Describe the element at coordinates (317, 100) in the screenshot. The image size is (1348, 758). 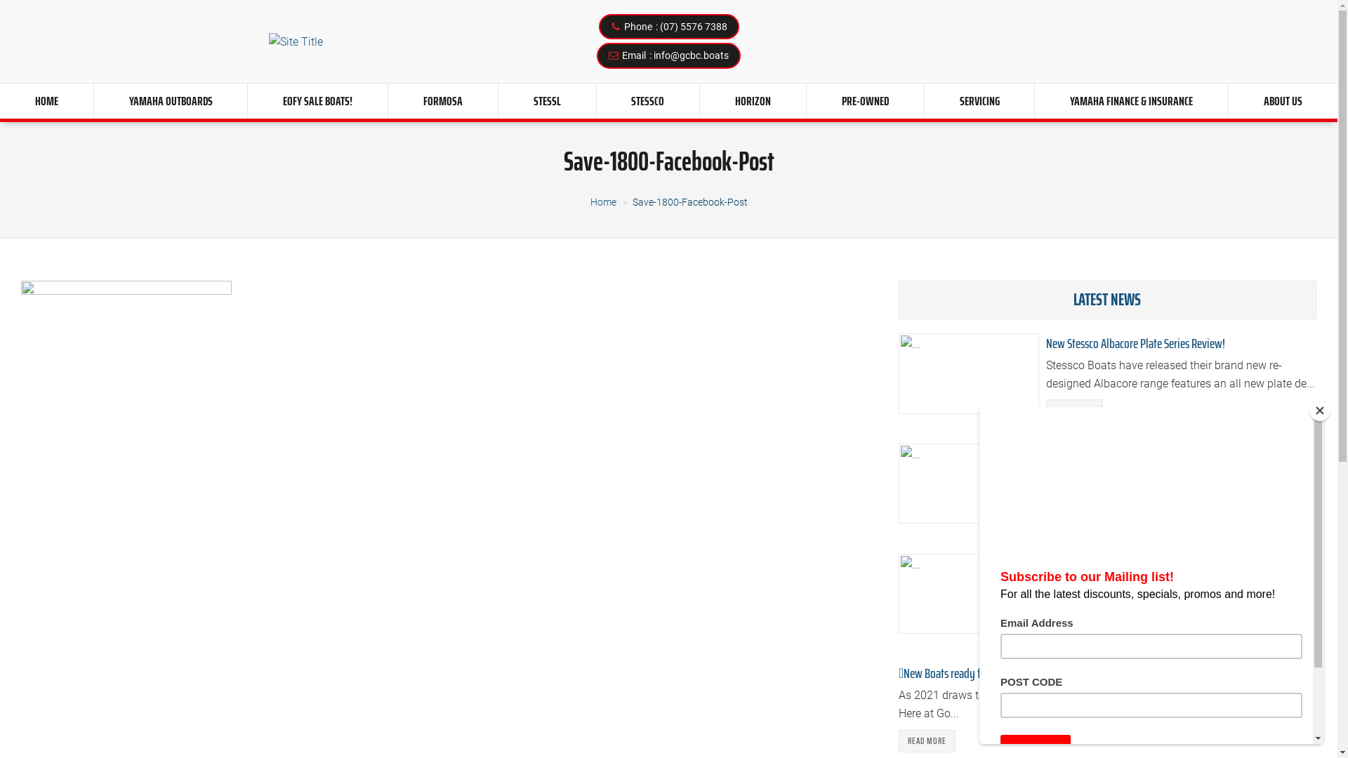
I see `'EOFY SALE BOATS!'` at that location.